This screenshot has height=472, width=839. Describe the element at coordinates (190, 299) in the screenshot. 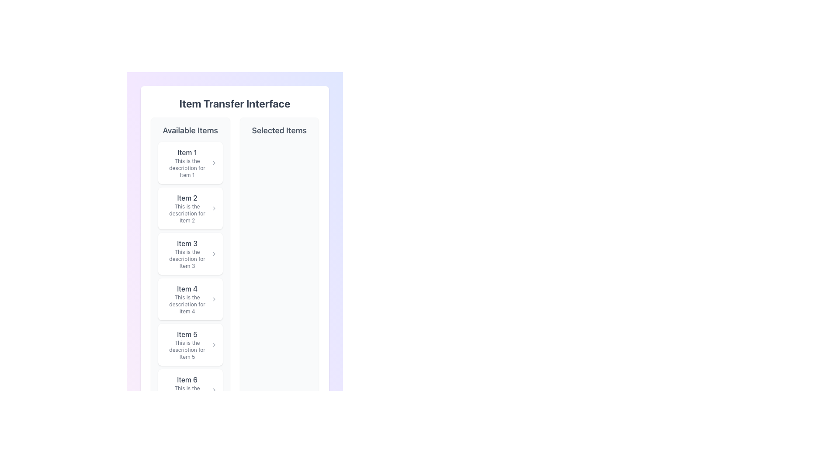

I see `the interactive list item card labeled 'Item 4', which contains a bold title and a description, positioned in the 'Available Items' section` at that location.